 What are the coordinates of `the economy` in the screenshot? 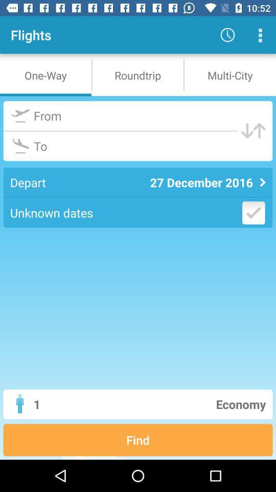 It's located at (176, 404).